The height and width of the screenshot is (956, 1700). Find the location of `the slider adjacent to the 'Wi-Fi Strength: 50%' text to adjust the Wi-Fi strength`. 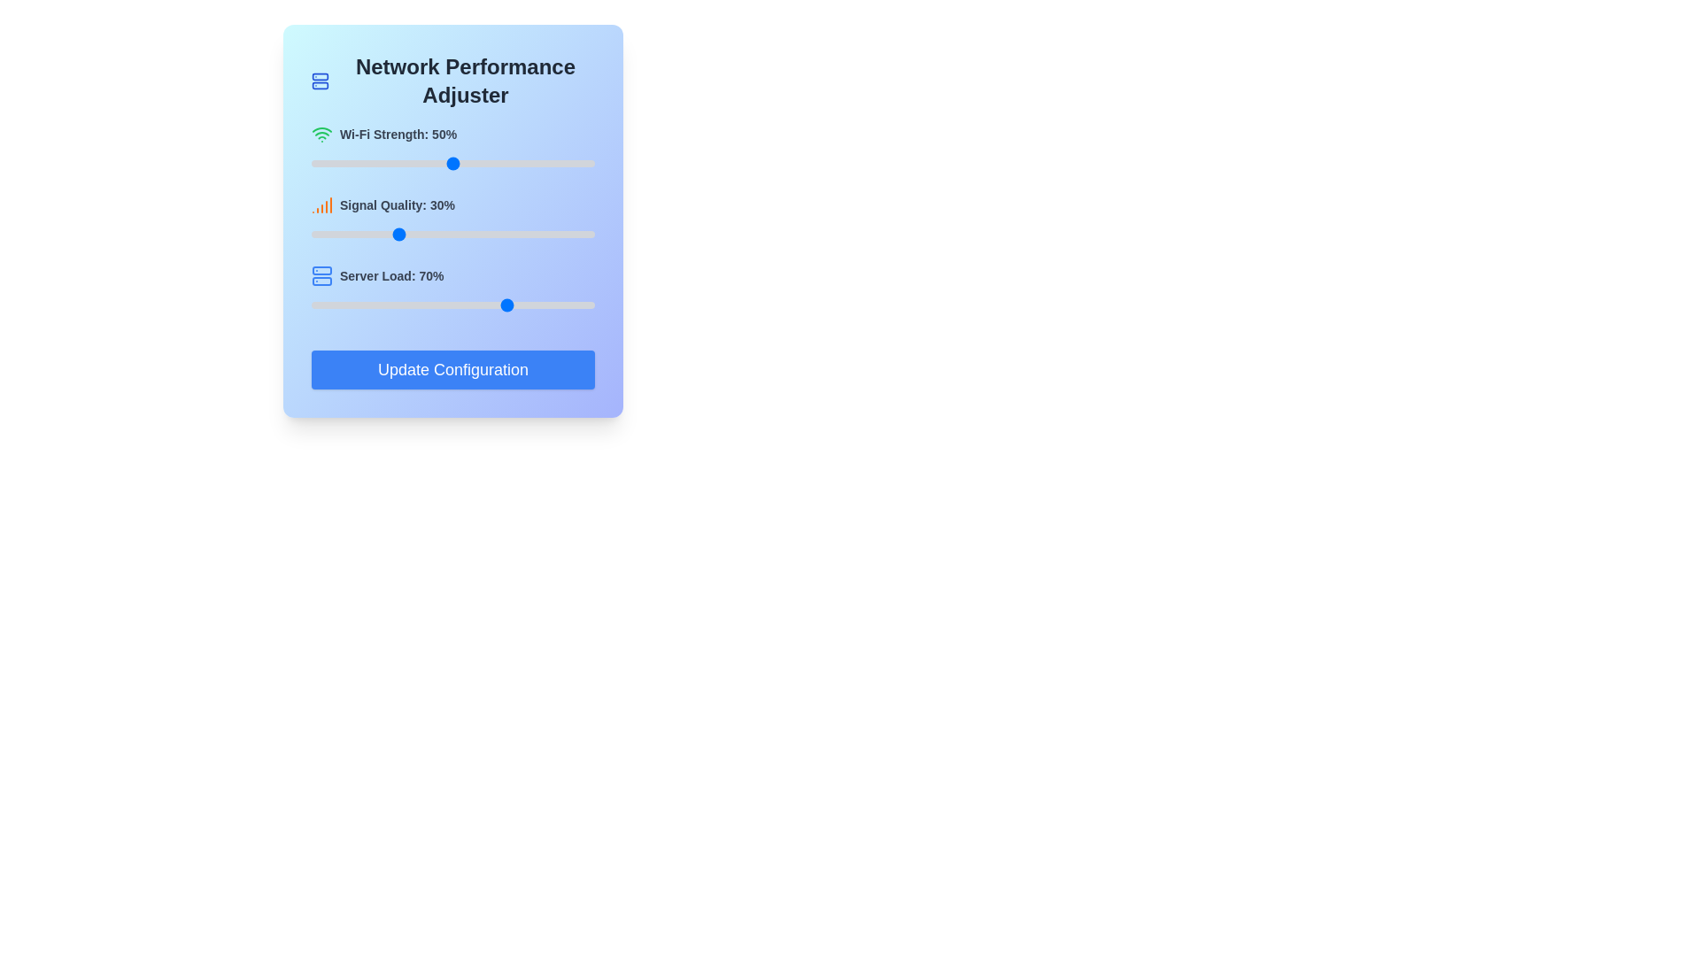

the slider adjacent to the 'Wi-Fi Strength: 50%' text to adjust the Wi-Fi strength is located at coordinates (453, 148).